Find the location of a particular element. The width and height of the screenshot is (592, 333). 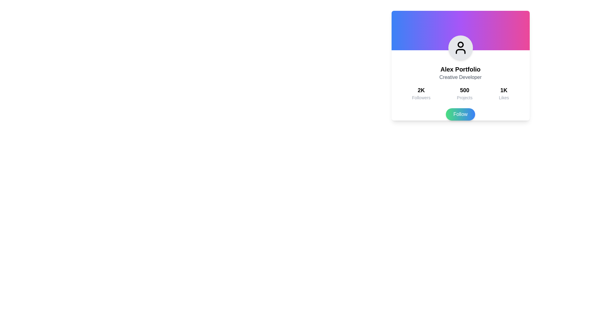

the follow button located at the bottom of the 'Alex Portfolio' card to initiate the follow action is located at coordinates (460, 114).